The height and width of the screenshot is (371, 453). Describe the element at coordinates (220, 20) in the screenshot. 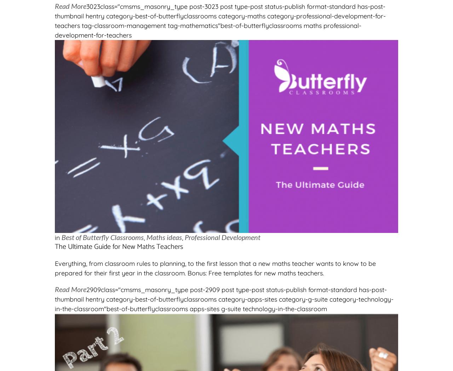

I see `'3023class="cmsms_masonry_type post-3023 post type-post status-publish format-standard has-post-thumbnail hentry category-best-of-butterflyclassrooms category-maths category-professional-development-for-teachers tag-classroom-management tag-mathematics"best-of-butterflyclassrooms maths professional-development-for-teachers'` at that location.